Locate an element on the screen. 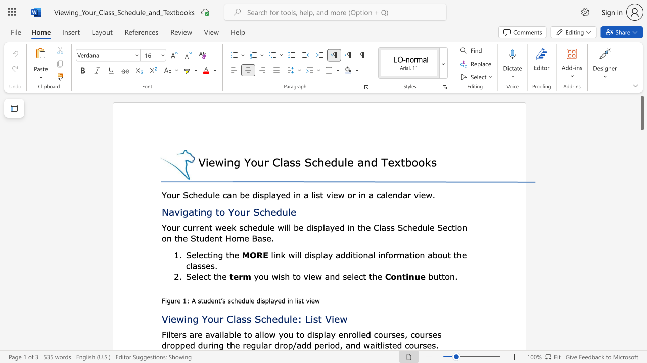  the scrollbar to scroll the page down is located at coordinates (641, 333).